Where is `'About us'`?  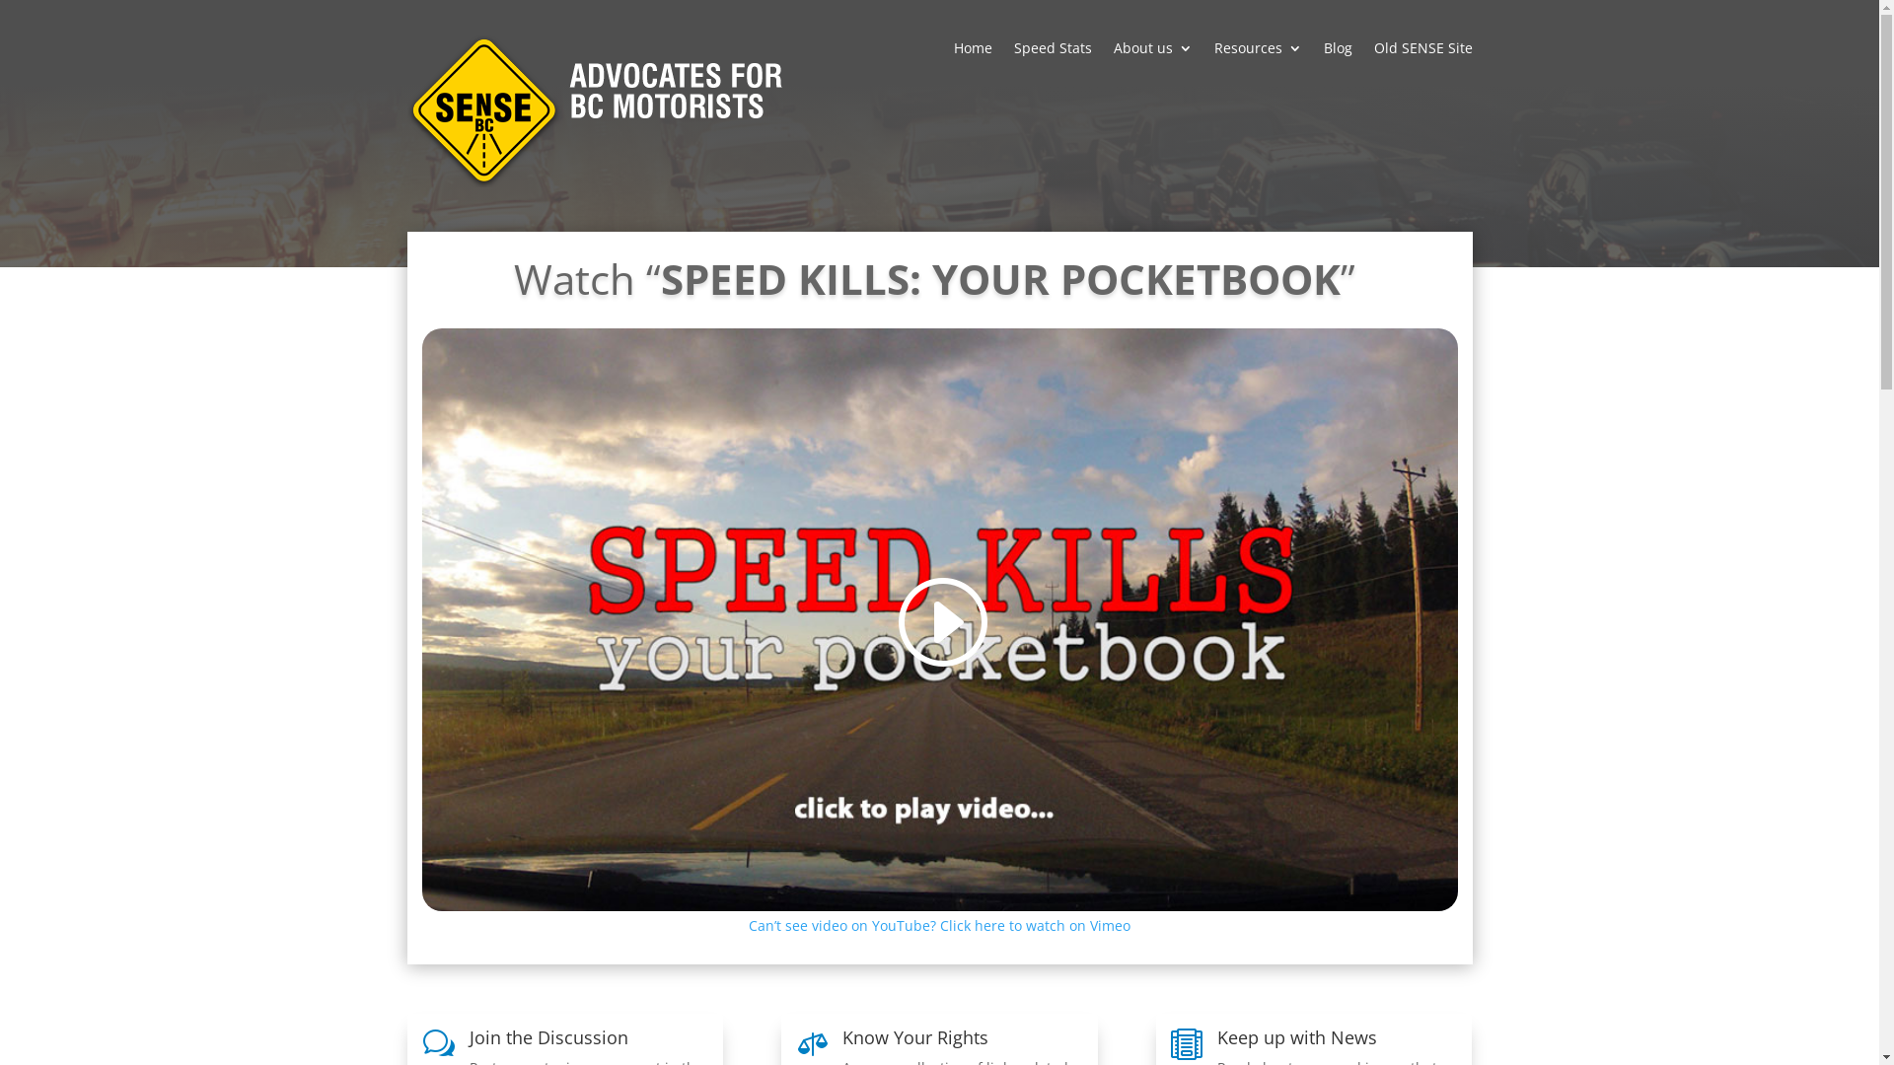 'About us' is located at coordinates (1151, 61).